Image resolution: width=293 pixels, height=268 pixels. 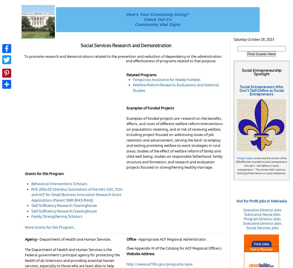 What do you see at coordinates (254, 39) in the screenshot?
I see `'Saturday October 28, 2023'` at bounding box center [254, 39].